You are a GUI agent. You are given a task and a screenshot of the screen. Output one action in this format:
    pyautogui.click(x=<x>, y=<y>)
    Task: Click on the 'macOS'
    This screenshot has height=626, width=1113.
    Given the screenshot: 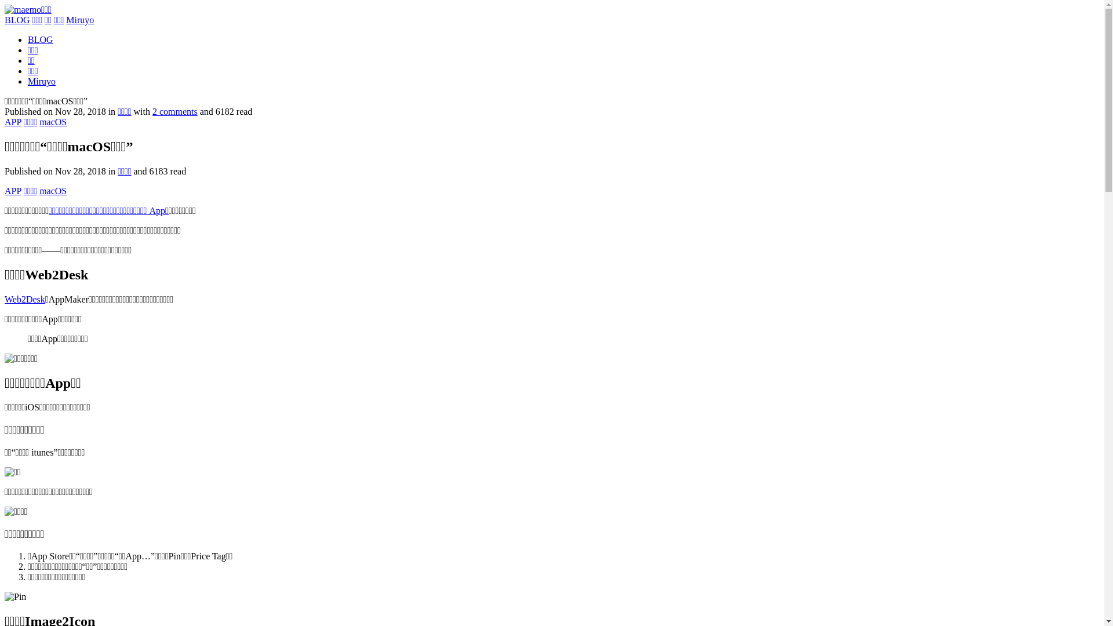 What is the action you would take?
    pyautogui.click(x=52, y=122)
    